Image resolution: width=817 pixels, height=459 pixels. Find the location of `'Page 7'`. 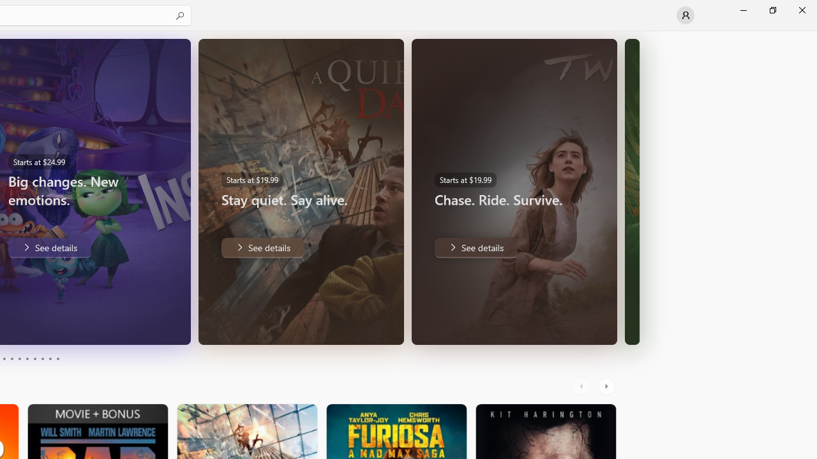

'Page 7' is located at coordinates (34, 359).